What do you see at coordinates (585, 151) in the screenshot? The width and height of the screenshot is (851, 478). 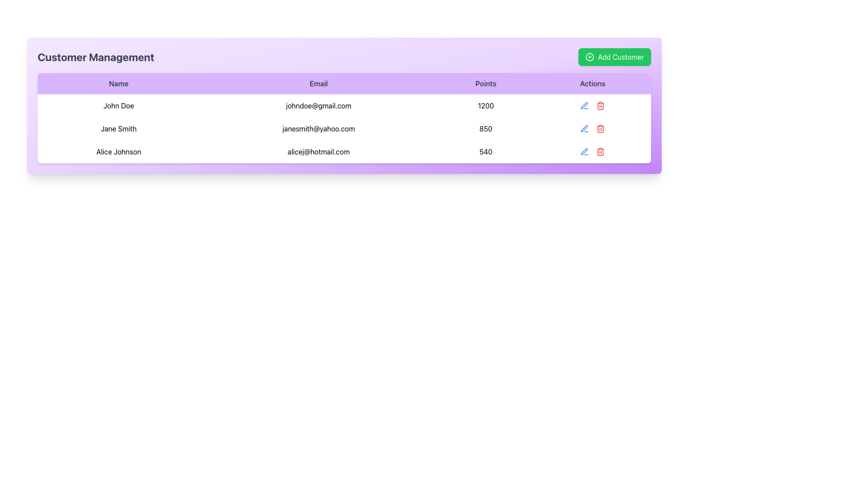 I see `the pen icon button under the 'Actions' column in the third row of the table for Alice Johnson to initiate an edit action` at bounding box center [585, 151].